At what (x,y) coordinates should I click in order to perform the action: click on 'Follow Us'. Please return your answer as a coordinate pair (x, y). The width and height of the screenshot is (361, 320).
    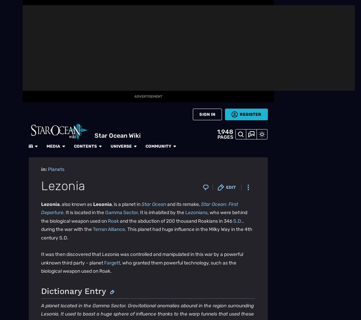
    Looking at the image, I should click on (28, 262).